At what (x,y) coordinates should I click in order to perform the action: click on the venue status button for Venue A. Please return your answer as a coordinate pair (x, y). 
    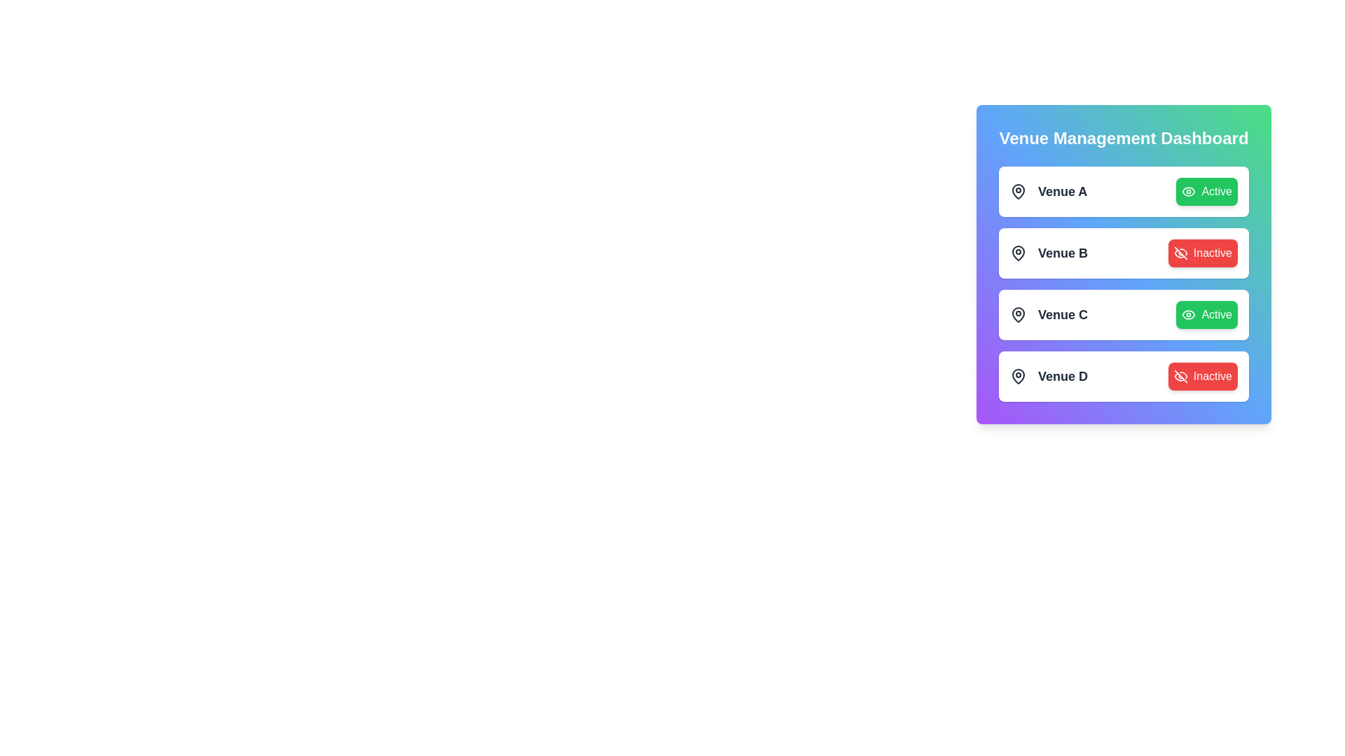
    Looking at the image, I should click on (1206, 191).